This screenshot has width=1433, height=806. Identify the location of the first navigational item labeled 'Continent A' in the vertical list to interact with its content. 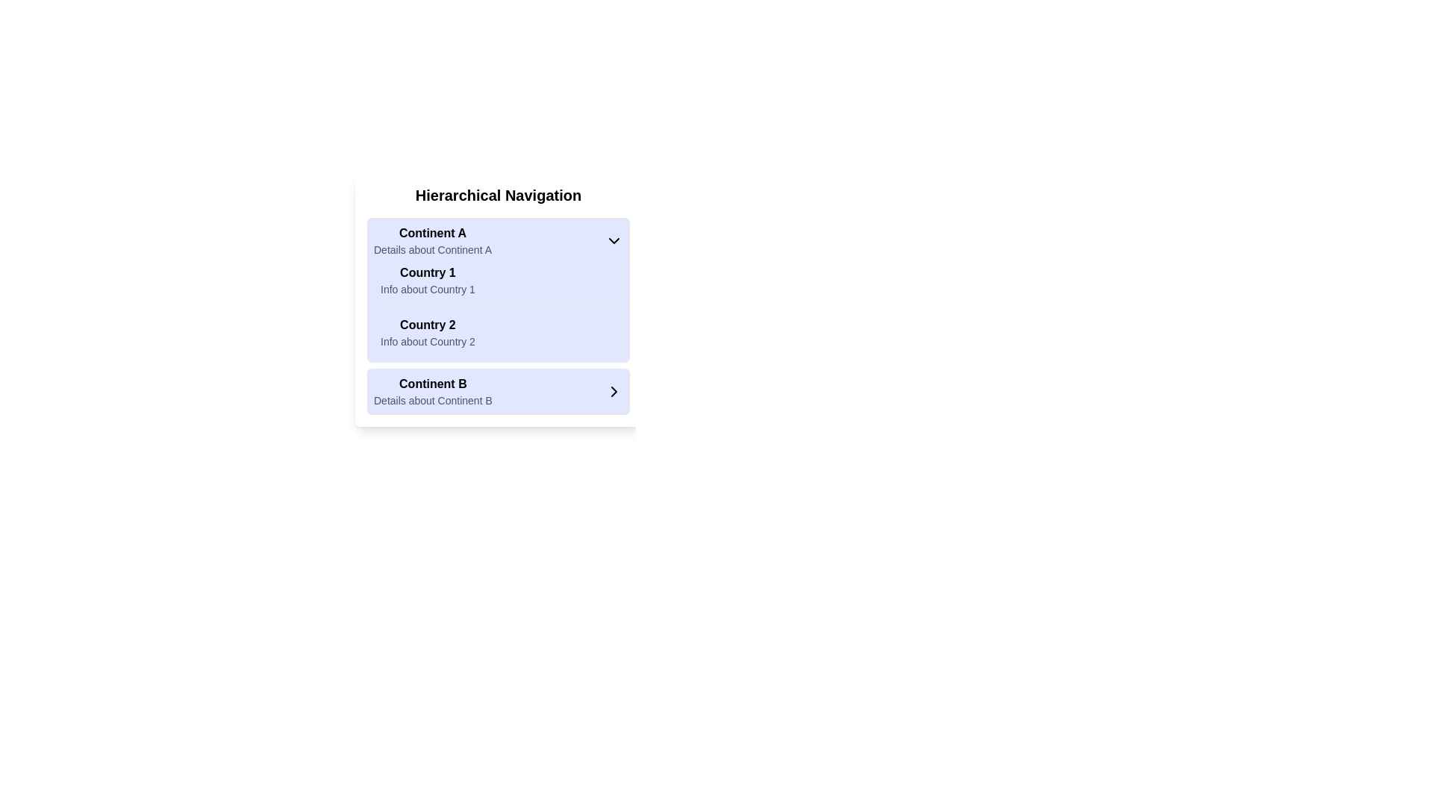
(432, 240).